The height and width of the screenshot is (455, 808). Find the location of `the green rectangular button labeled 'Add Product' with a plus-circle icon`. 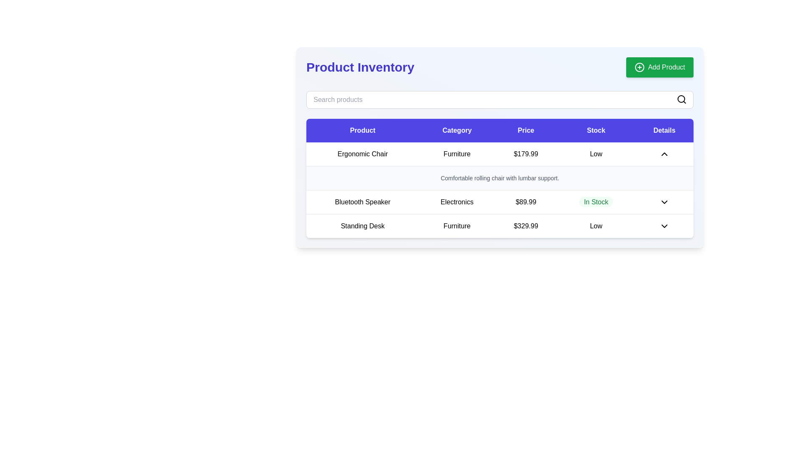

the green rectangular button labeled 'Add Product' with a plus-circle icon is located at coordinates (659, 67).